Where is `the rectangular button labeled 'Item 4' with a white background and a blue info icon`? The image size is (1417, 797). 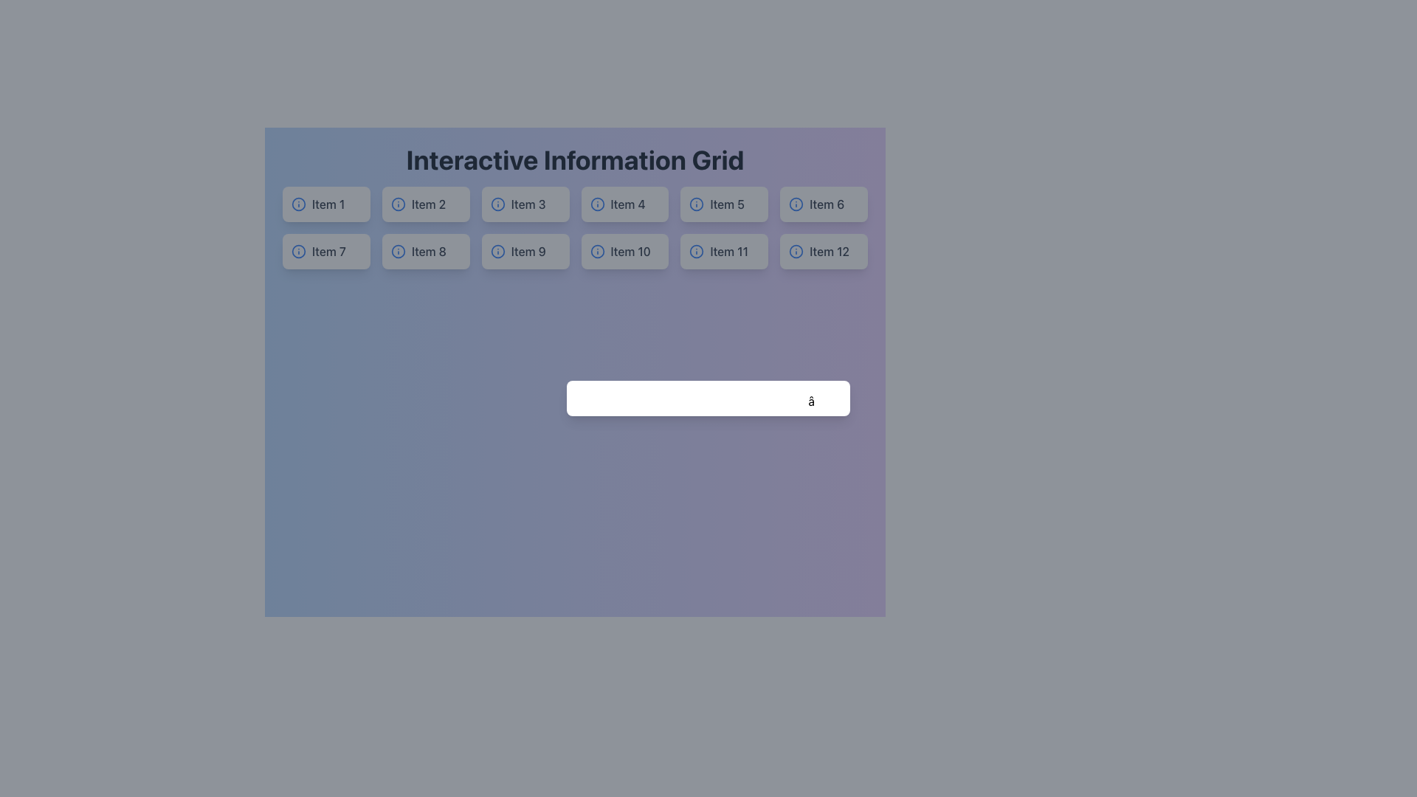
the rectangular button labeled 'Item 4' with a white background and a blue info icon is located at coordinates (624, 204).